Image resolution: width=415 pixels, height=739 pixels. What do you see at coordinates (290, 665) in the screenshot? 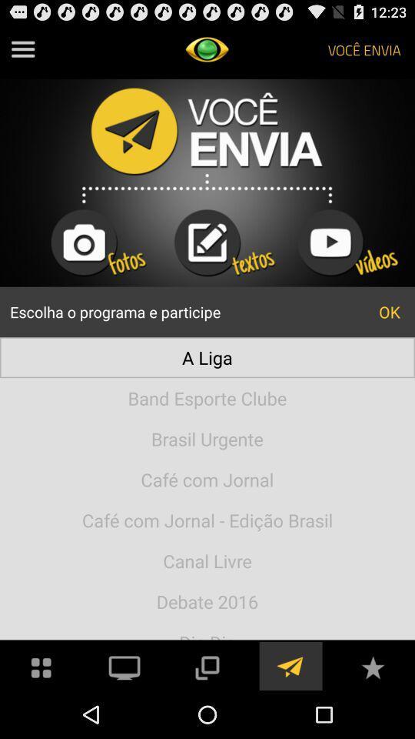
I see `send` at bounding box center [290, 665].